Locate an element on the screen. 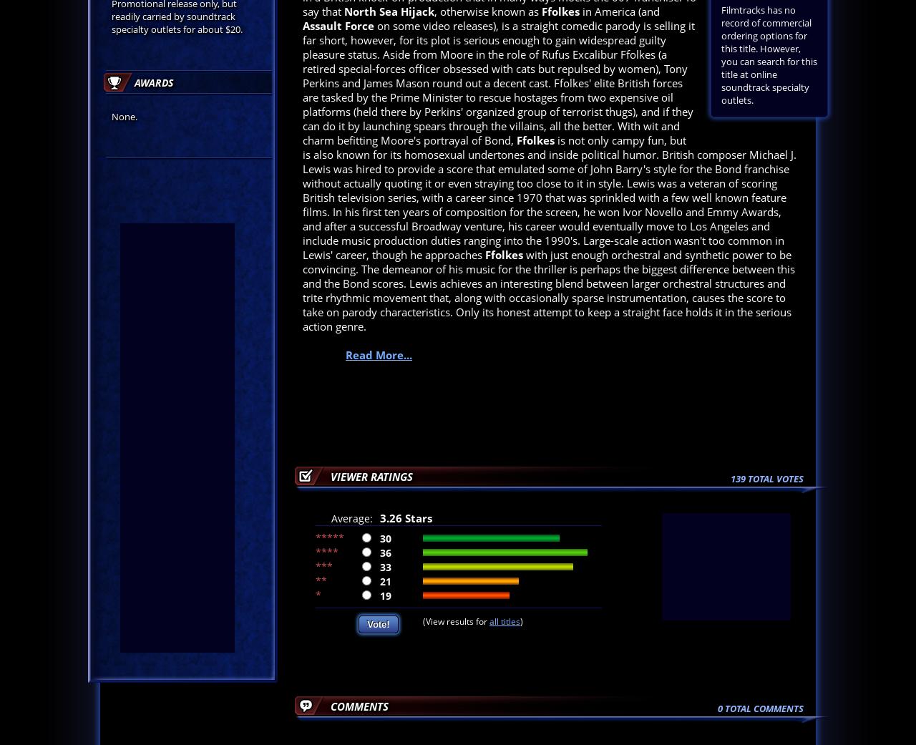  '***' is located at coordinates (323, 566).